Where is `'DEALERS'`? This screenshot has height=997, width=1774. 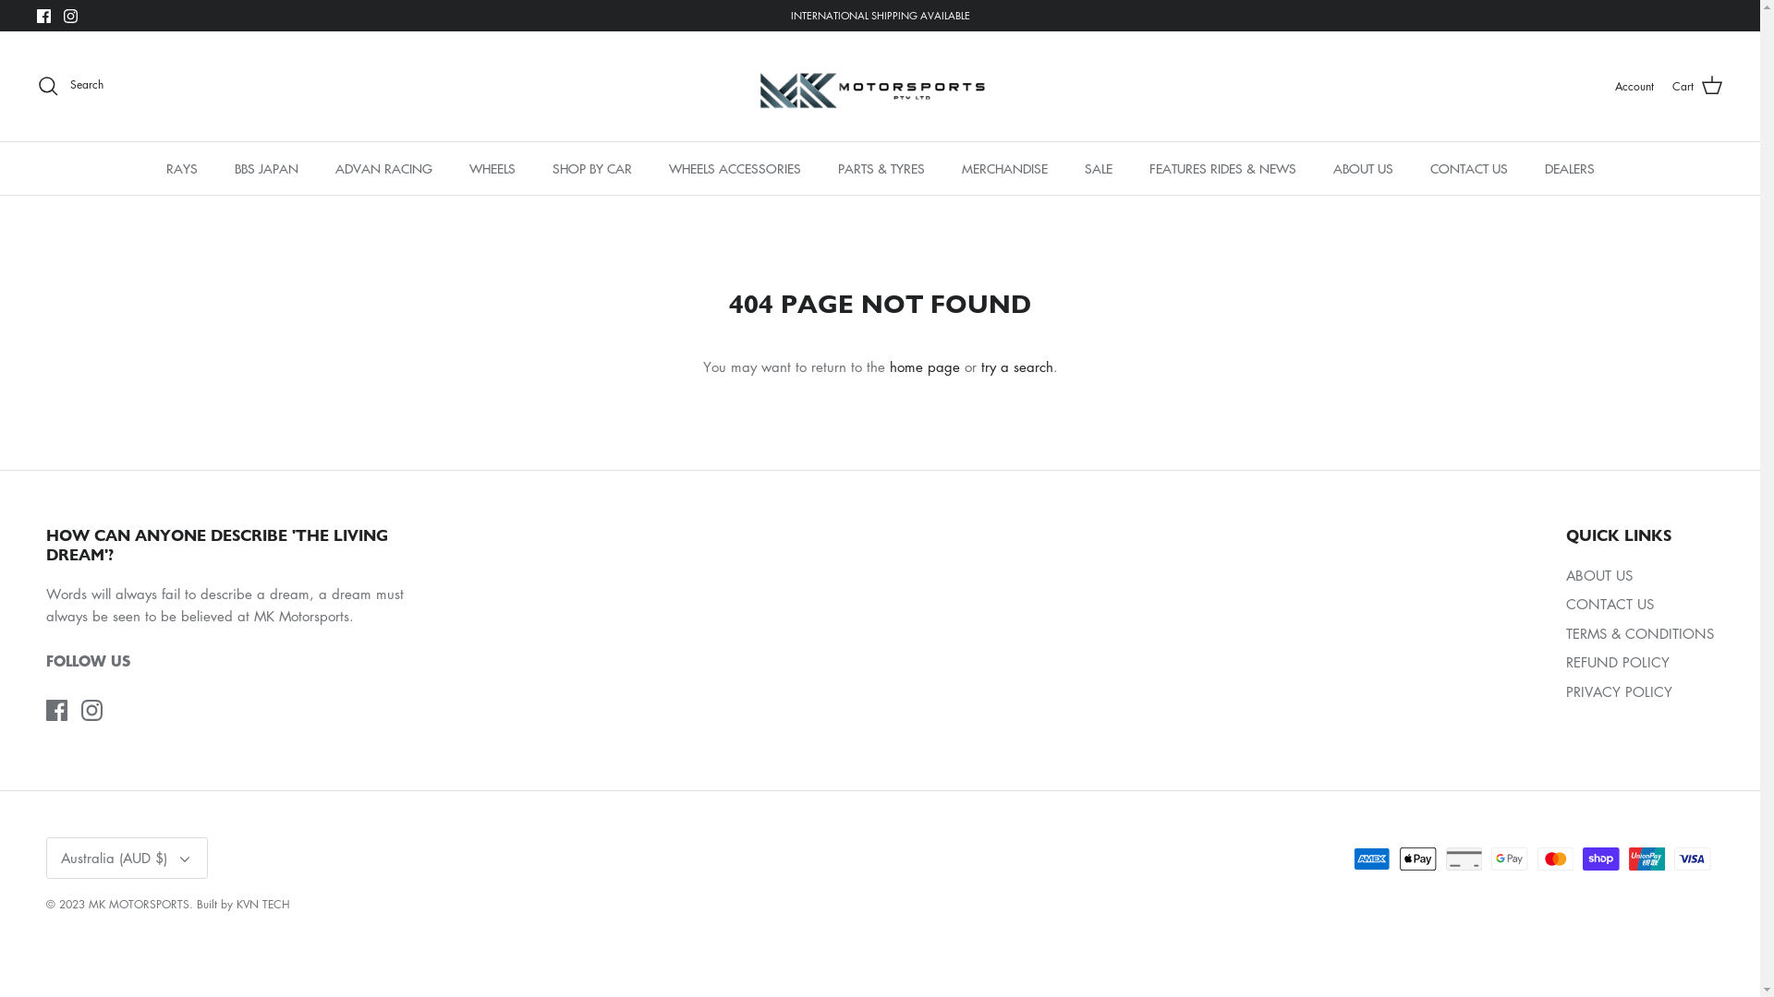 'DEALERS' is located at coordinates (1569, 168).